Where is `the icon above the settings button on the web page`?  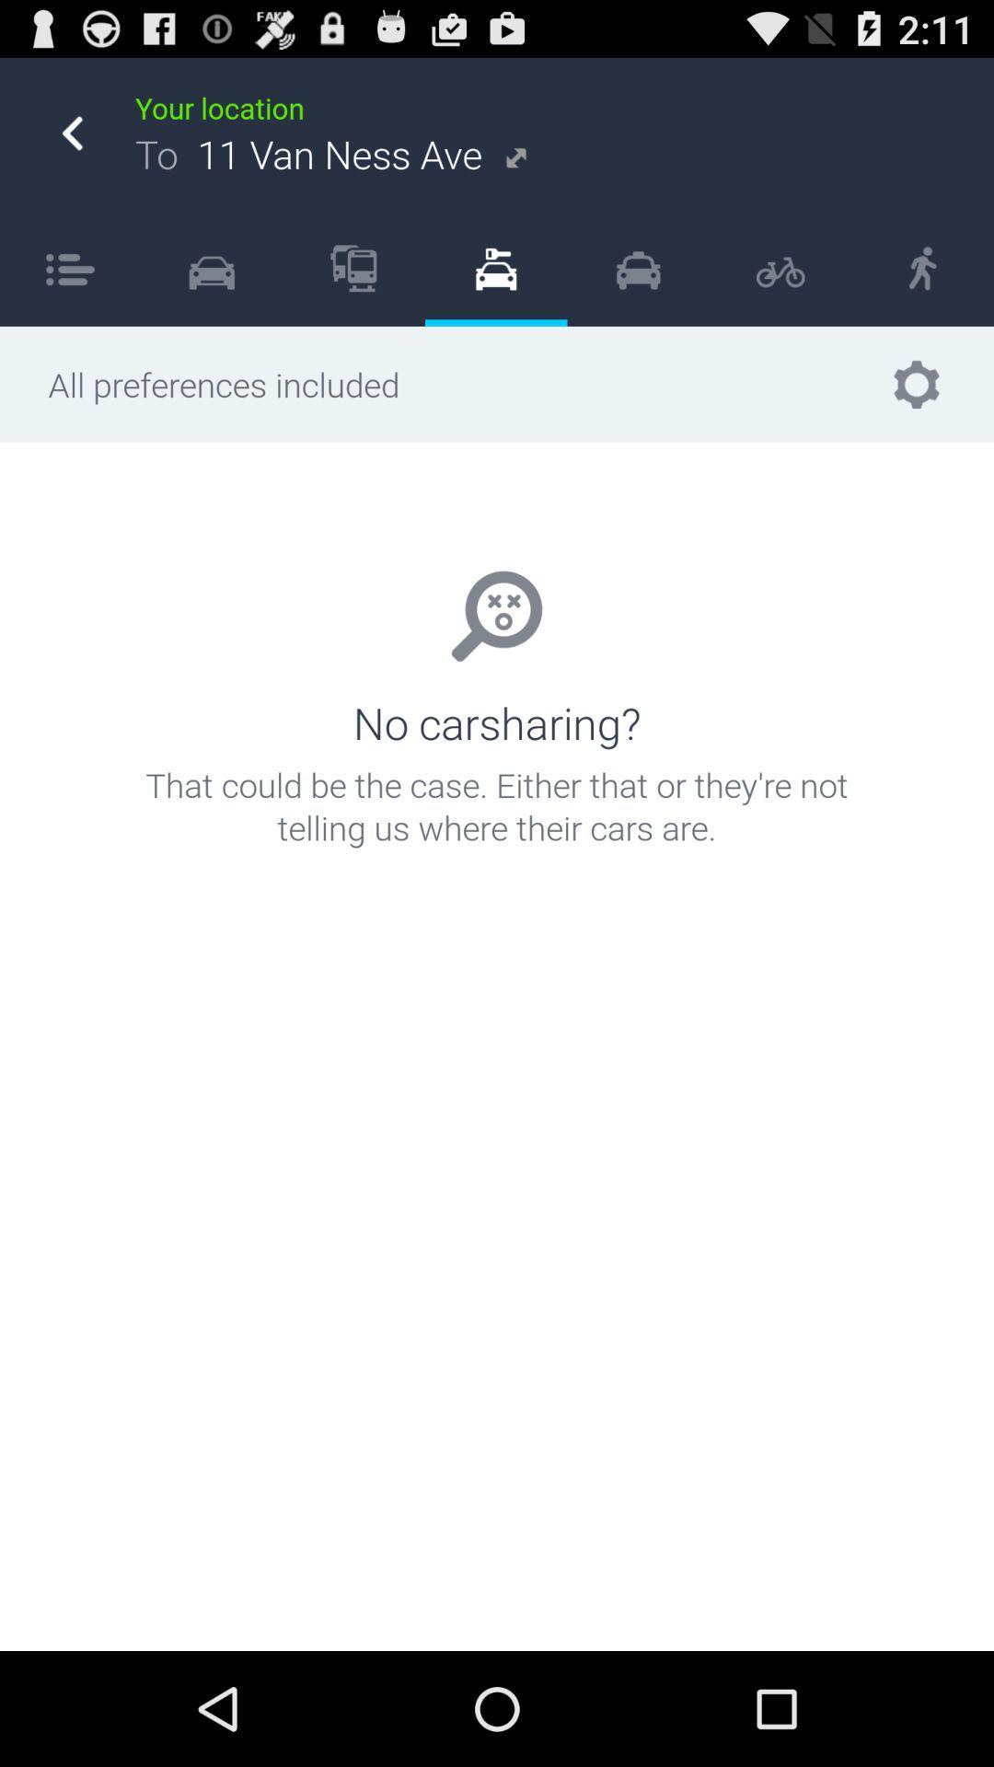
the icon above the settings button on the web page is located at coordinates (922, 268).